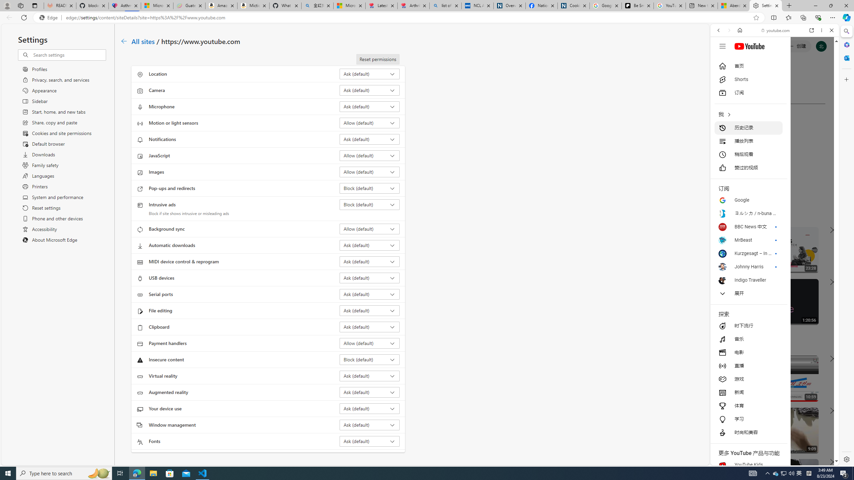  I want to click on 'youtube.com', so click(775, 30).